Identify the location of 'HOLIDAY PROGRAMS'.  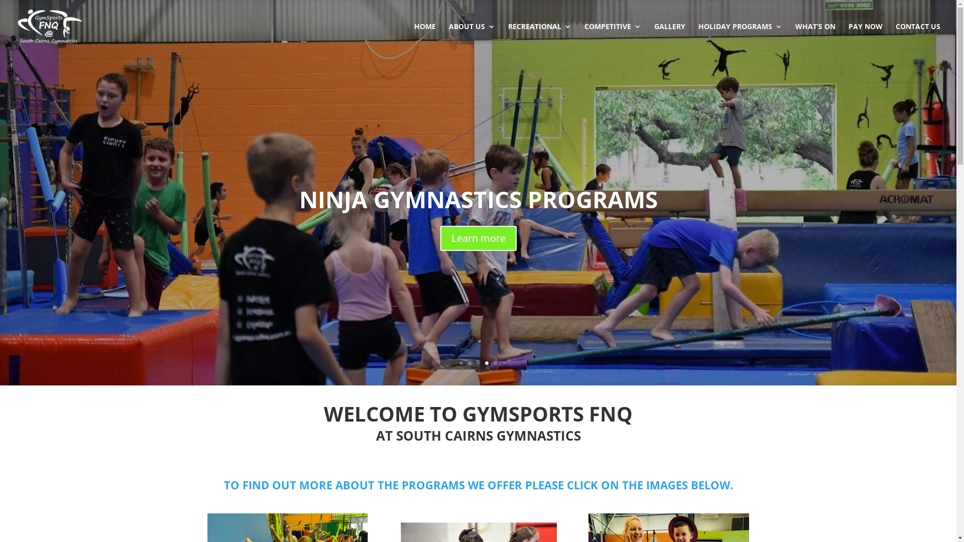
(740, 38).